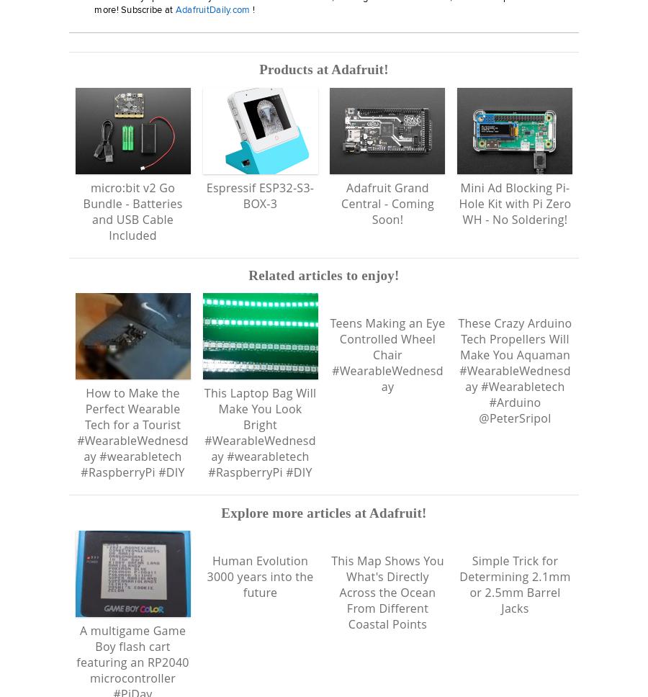 This screenshot has height=697, width=648. Describe the element at coordinates (202, 433) in the screenshot. I see `'This Laptop Bag Will Make You Look Bright #WearableWednesday #wearabletech #RaspberryPi #DIY'` at that location.